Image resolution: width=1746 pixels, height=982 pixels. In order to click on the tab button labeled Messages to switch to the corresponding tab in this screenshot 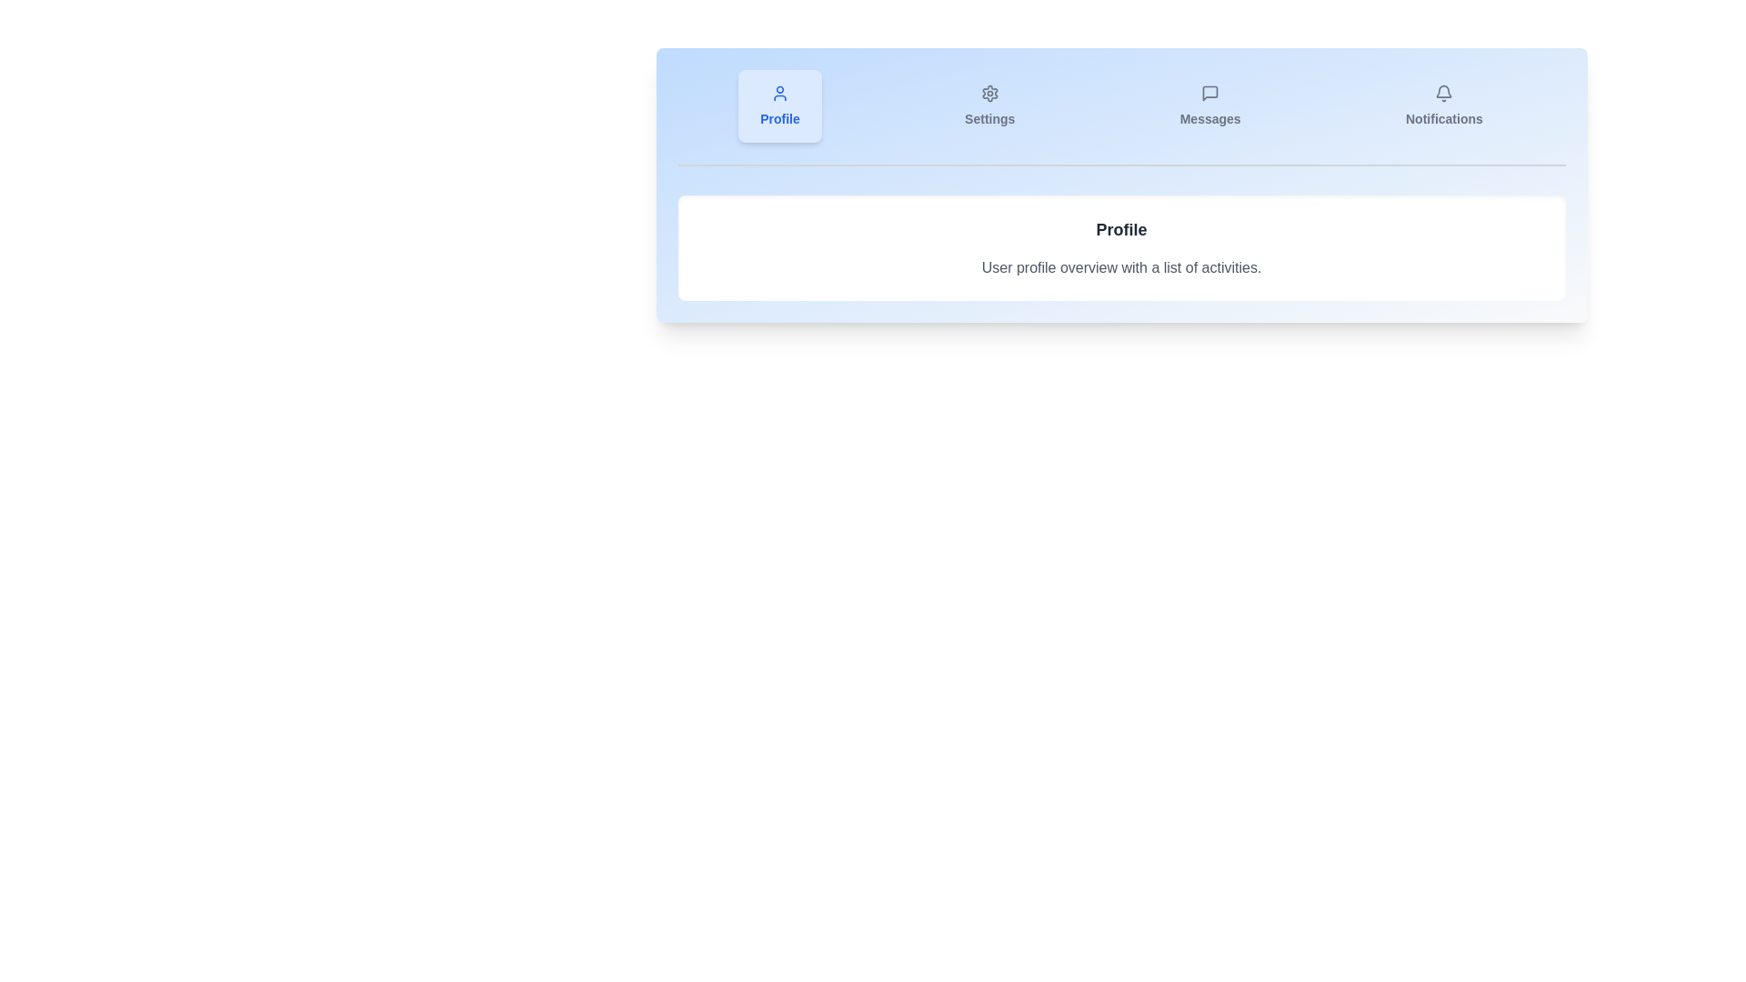, I will do `click(1210, 105)`.